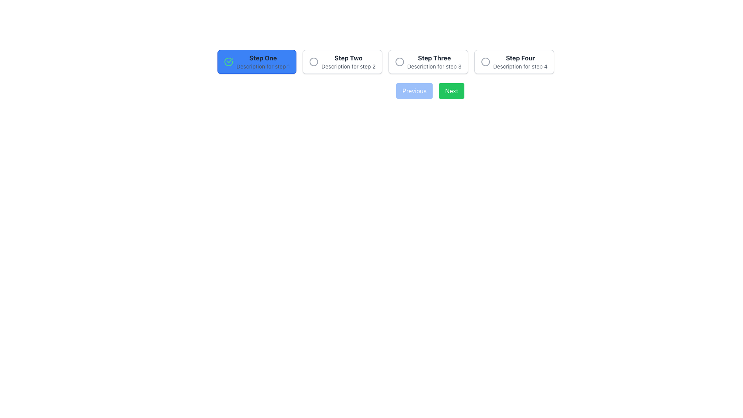 The height and width of the screenshot is (418, 743). Describe the element at coordinates (228, 61) in the screenshot. I see `the indicator icon that signifies 'Step One' is selected or completed, located to the left of the 'Step One' text within a blue rectangular button` at that location.